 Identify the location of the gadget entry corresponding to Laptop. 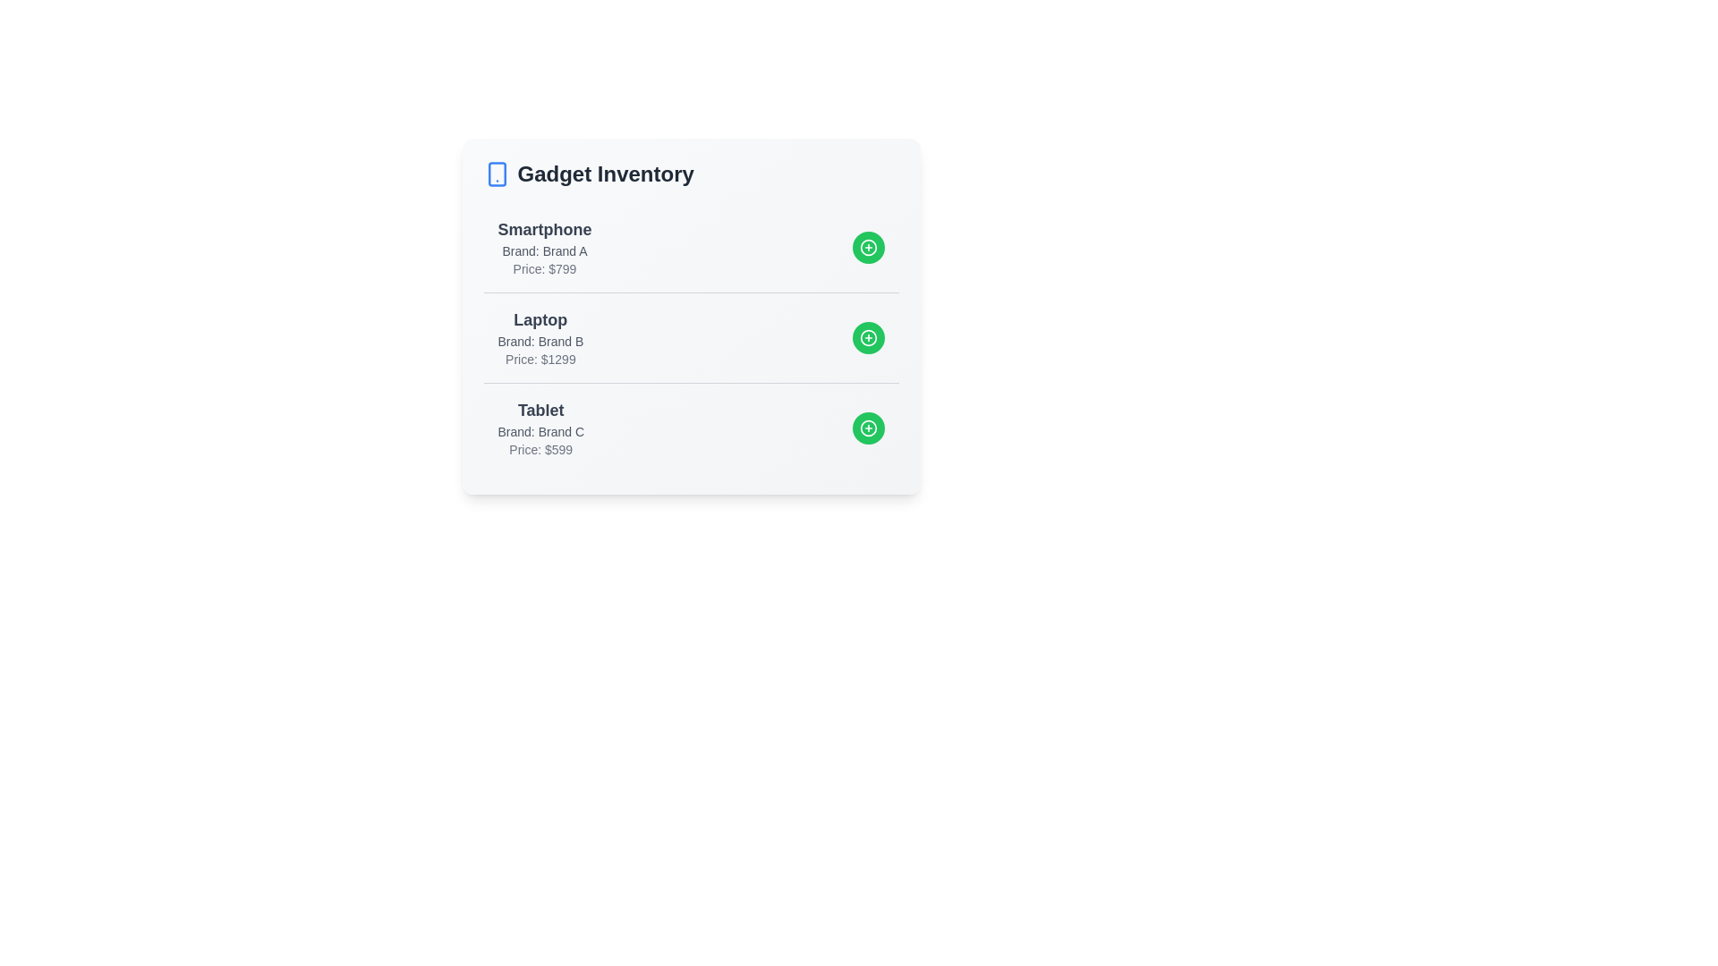
(690, 337).